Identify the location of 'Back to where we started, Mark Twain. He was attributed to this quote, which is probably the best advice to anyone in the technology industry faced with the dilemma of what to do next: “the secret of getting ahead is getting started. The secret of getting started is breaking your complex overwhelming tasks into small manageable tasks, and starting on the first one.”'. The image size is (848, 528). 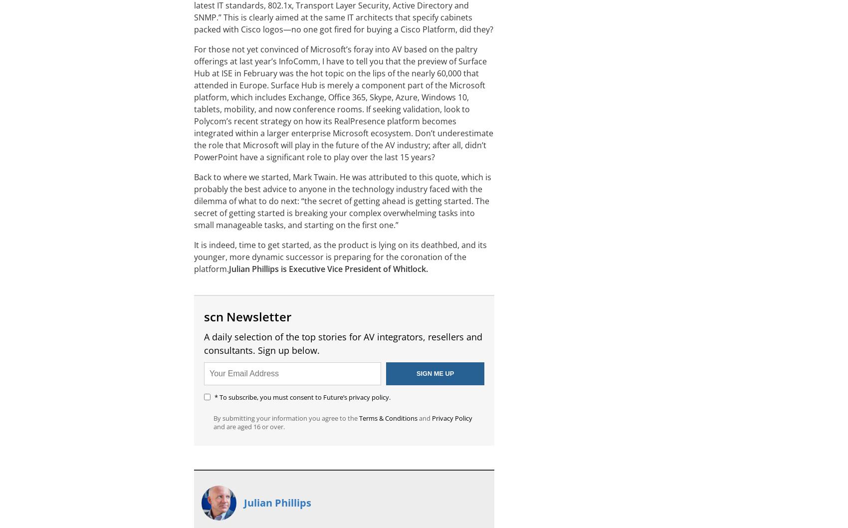
(193, 201).